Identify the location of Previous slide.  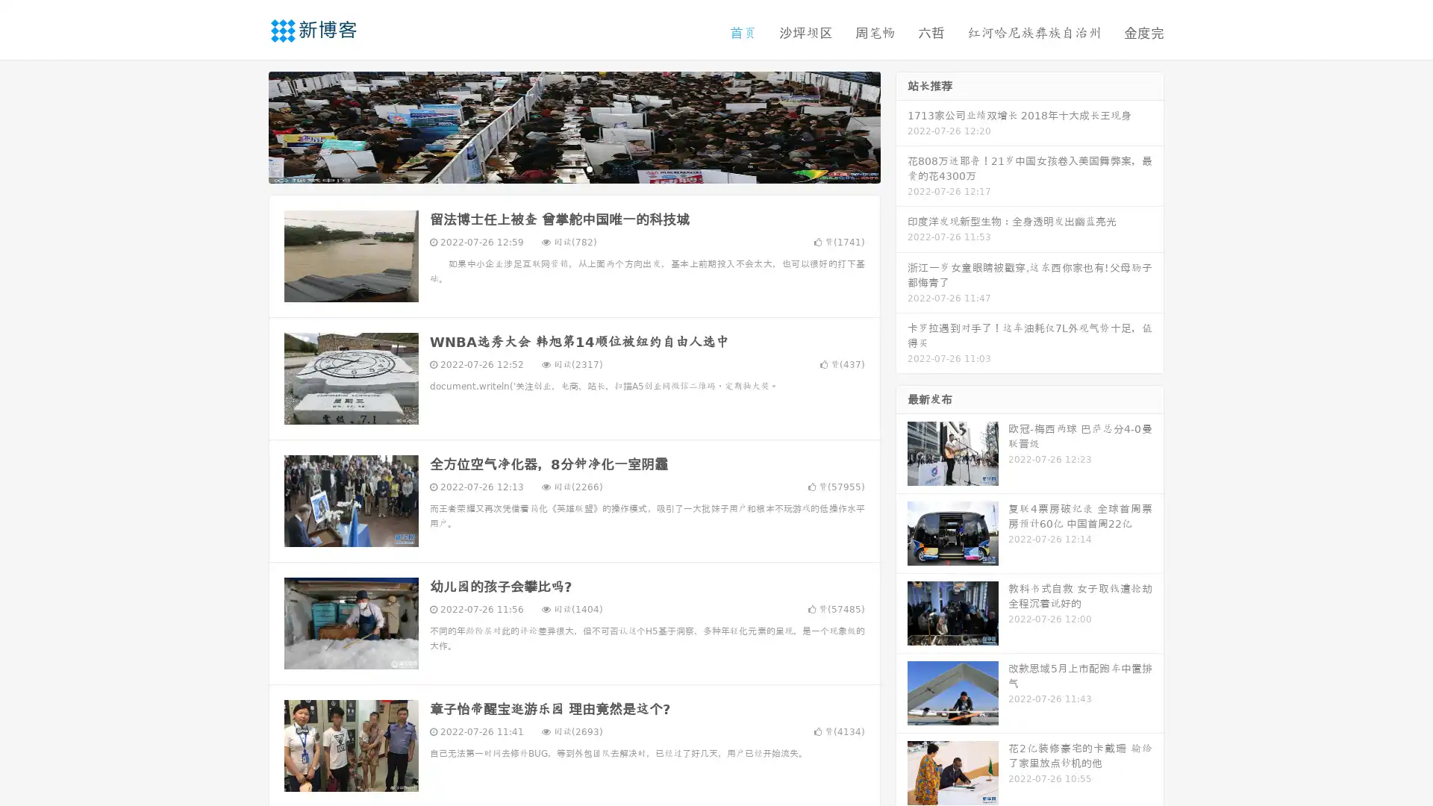
(246, 125).